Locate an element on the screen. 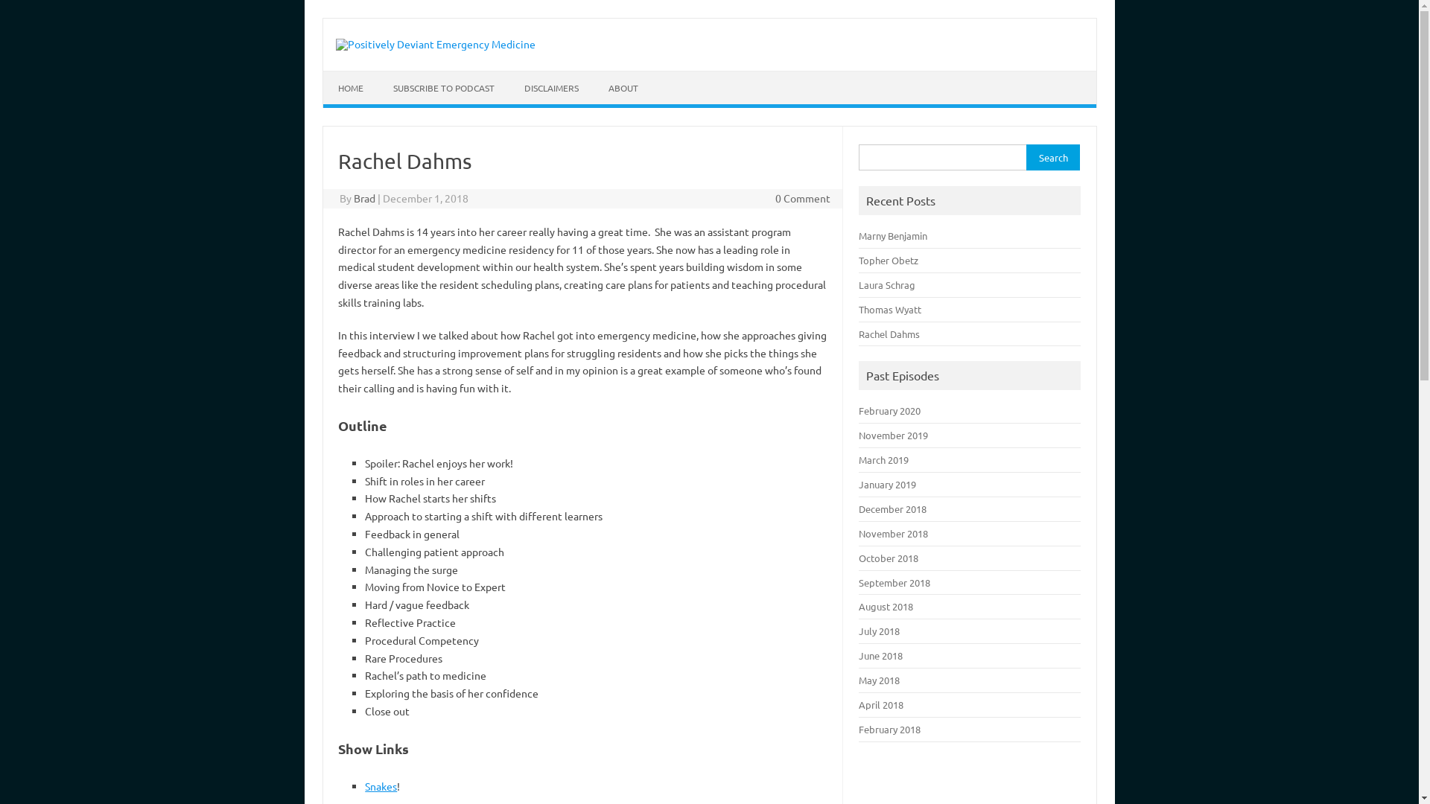  'July 2018' is located at coordinates (879, 631).